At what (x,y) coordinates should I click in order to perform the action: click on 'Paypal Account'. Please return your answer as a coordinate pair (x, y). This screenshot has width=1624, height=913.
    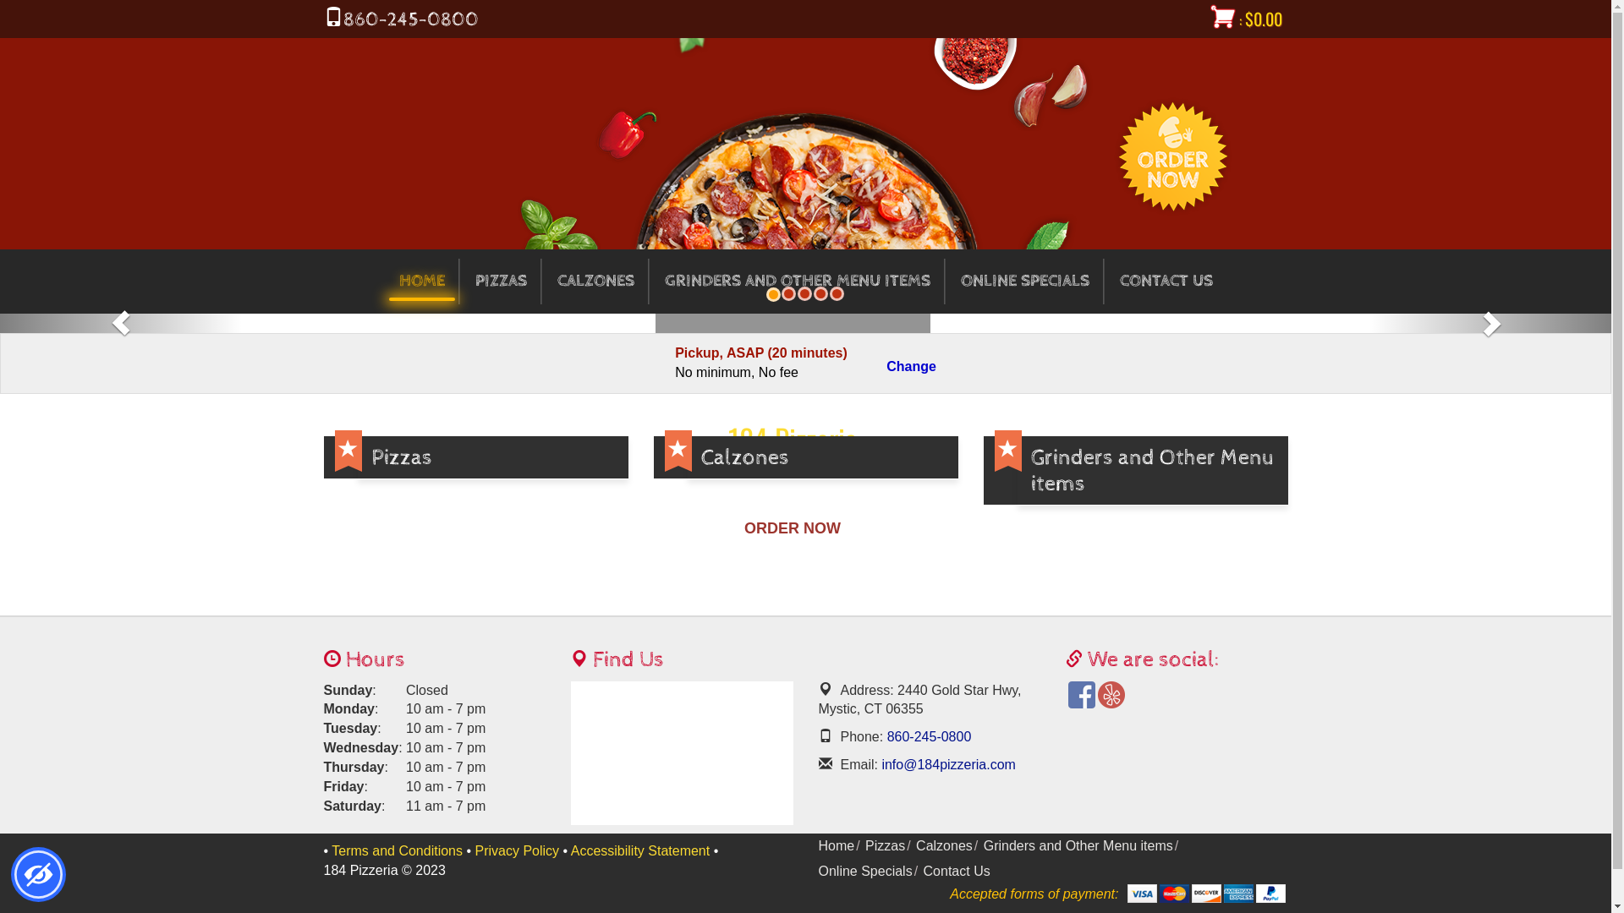
    Looking at the image, I should click on (1270, 892).